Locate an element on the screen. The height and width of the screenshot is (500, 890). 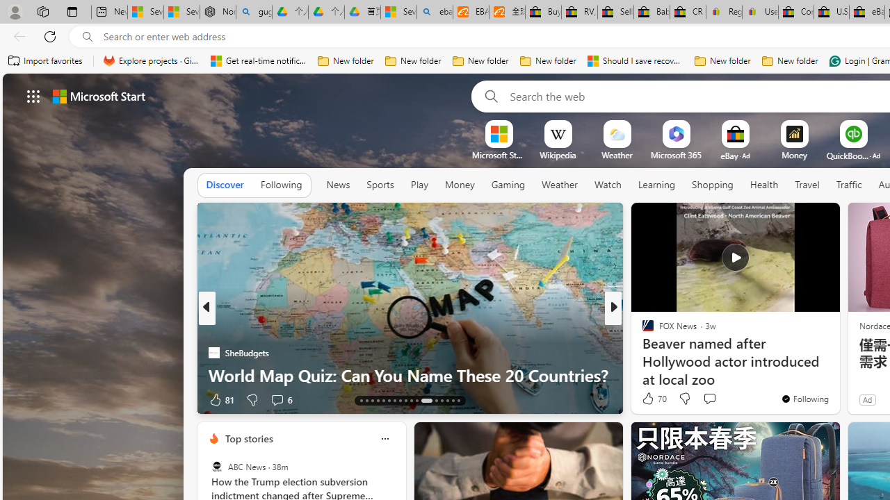
'AutomationID: tab-15' is located at coordinates (372, 401).